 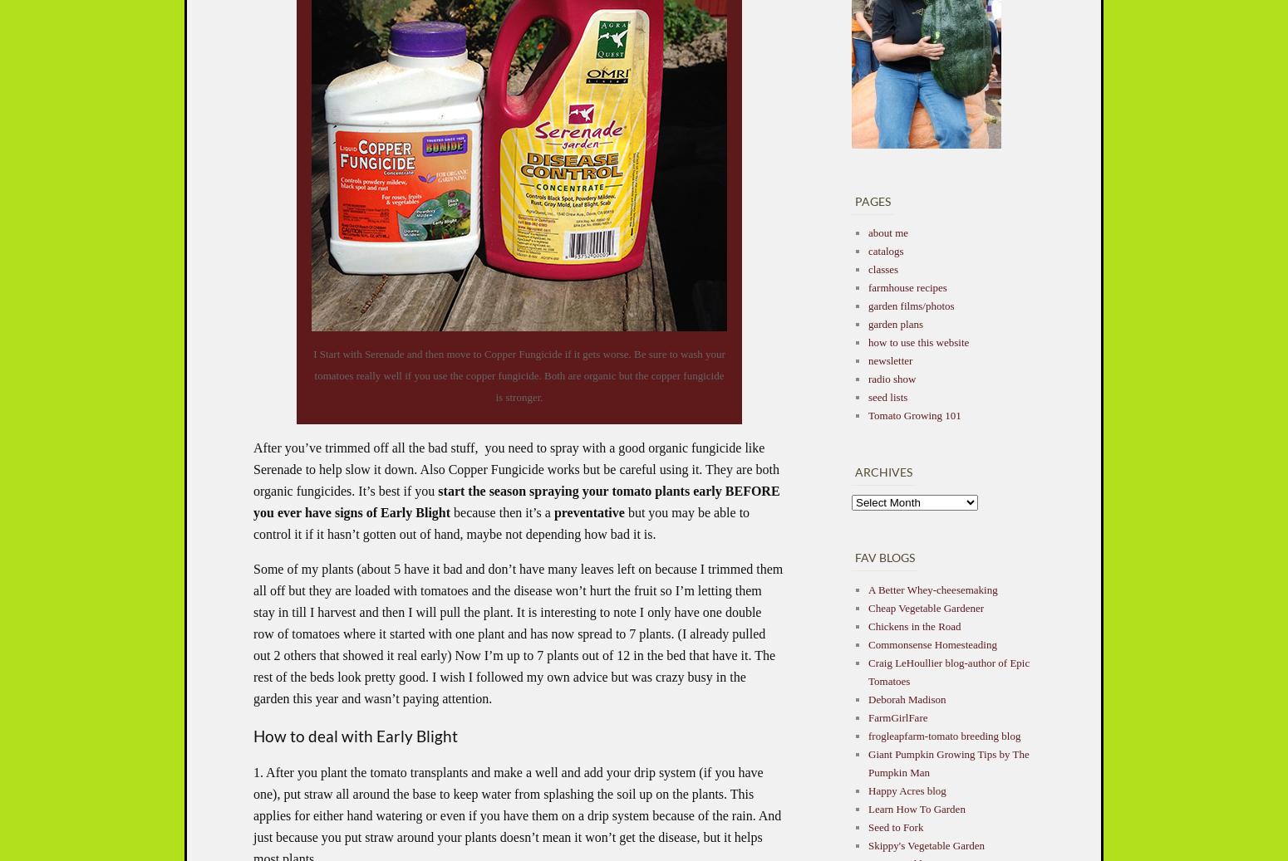 What do you see at coordinates (926, 844) in the screenshot?
I see `'Skippy's Vegetable Garden'` at bounding box center [926, 844].